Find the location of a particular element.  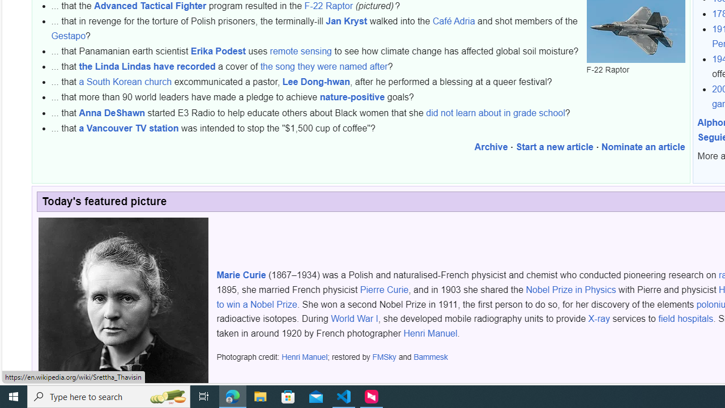

'the song they were named after' is located at coordinates (323, 66).